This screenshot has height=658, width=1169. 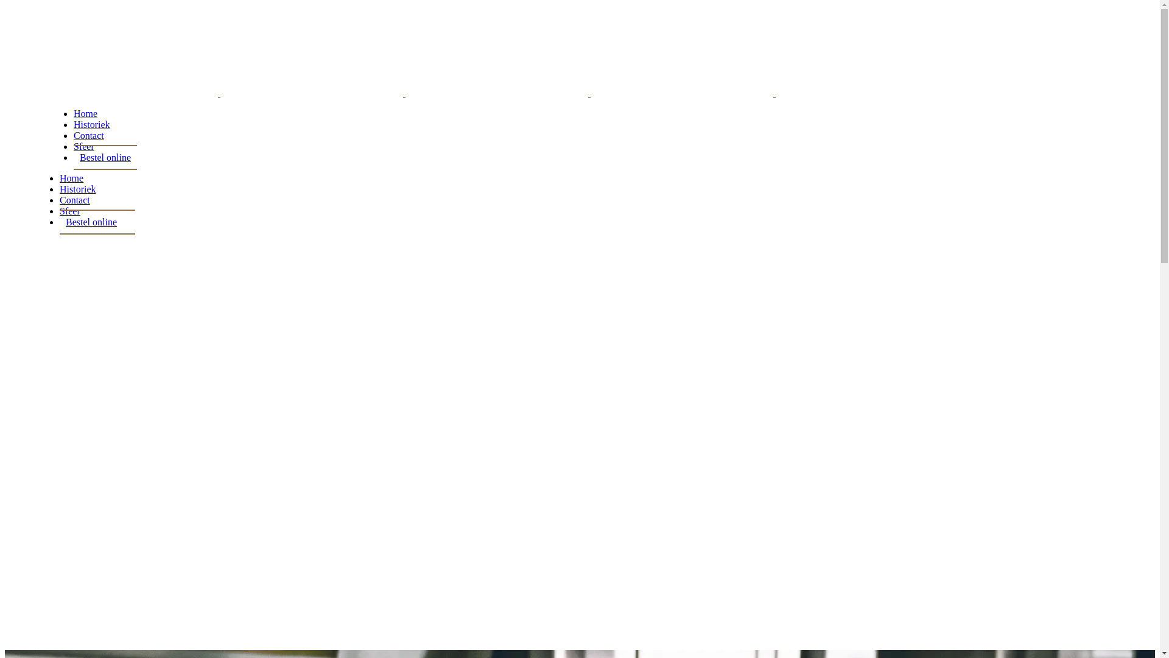 What do you see at coordinates (91, 124) in the screenshot?
I see `'Historiek'` at bounding box center [91, 124].